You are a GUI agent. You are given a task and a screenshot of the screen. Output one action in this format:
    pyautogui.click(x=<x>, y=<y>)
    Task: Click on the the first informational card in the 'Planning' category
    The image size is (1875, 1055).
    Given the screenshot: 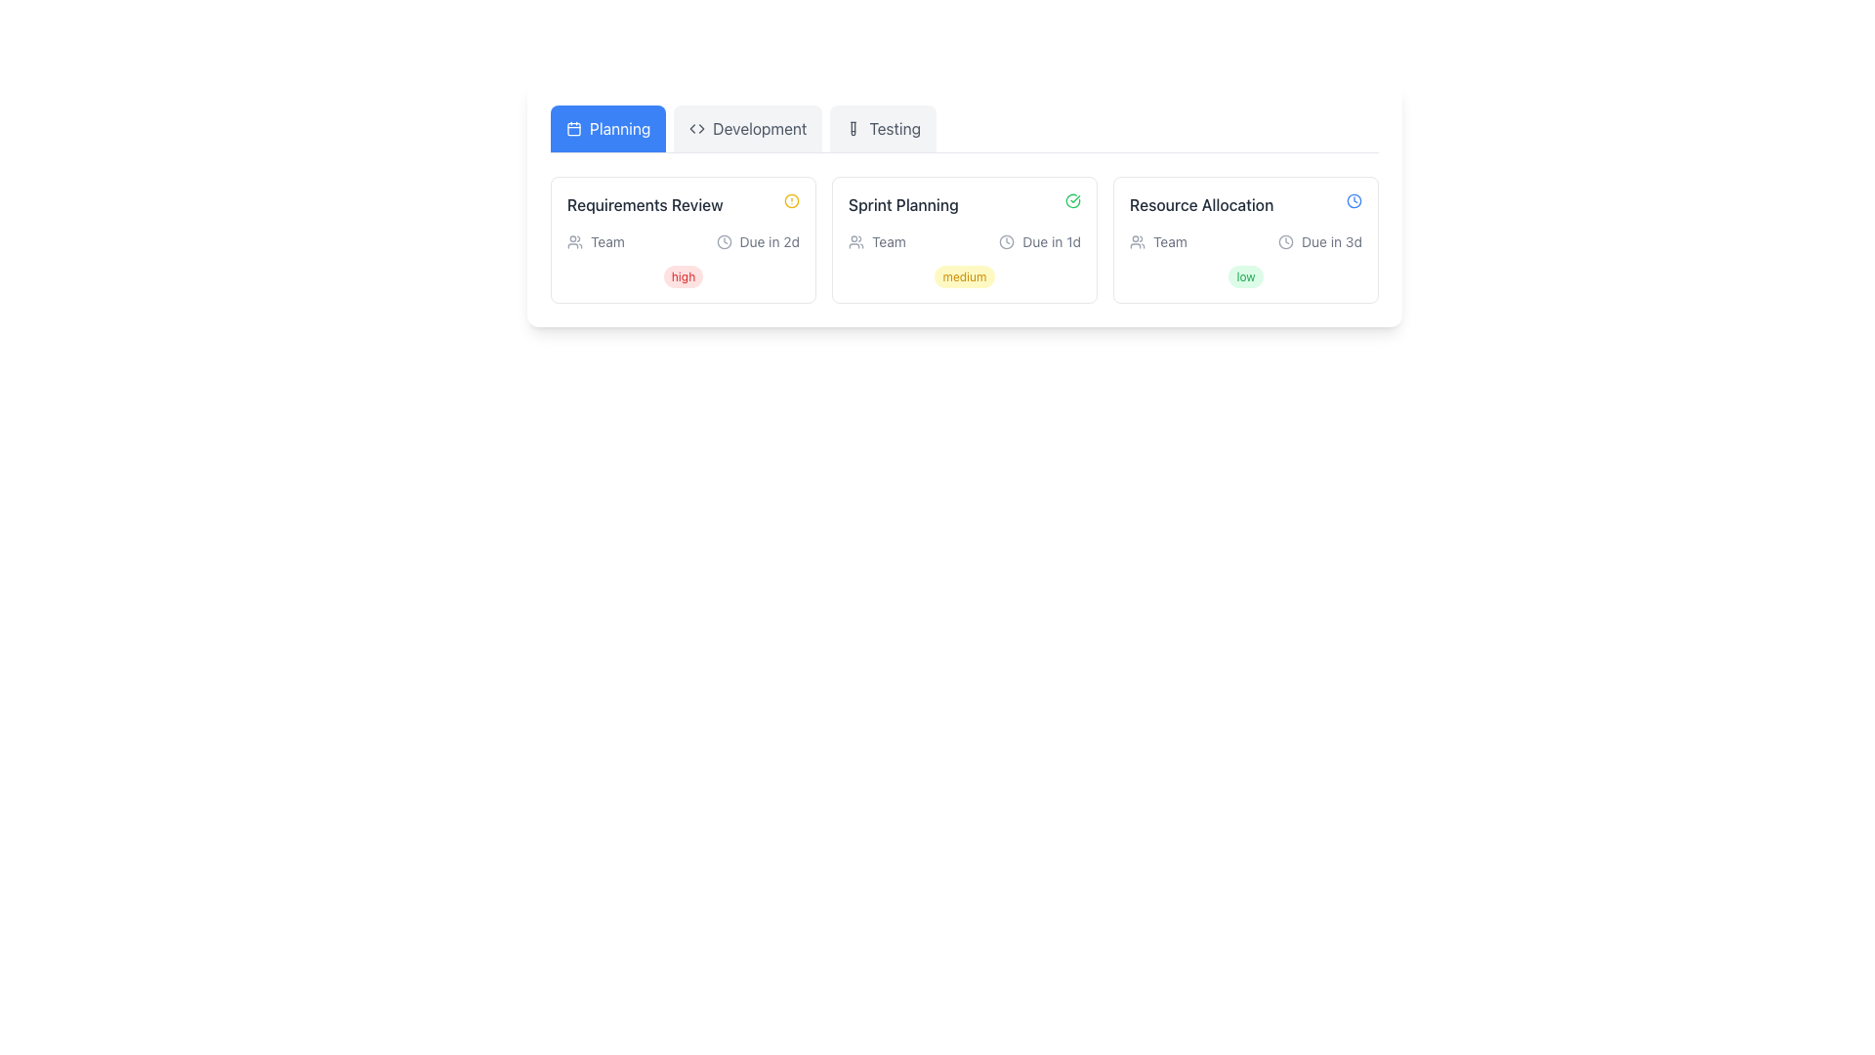 What is the action you would take?
    pyautogui.click(x=684, y=239)
    